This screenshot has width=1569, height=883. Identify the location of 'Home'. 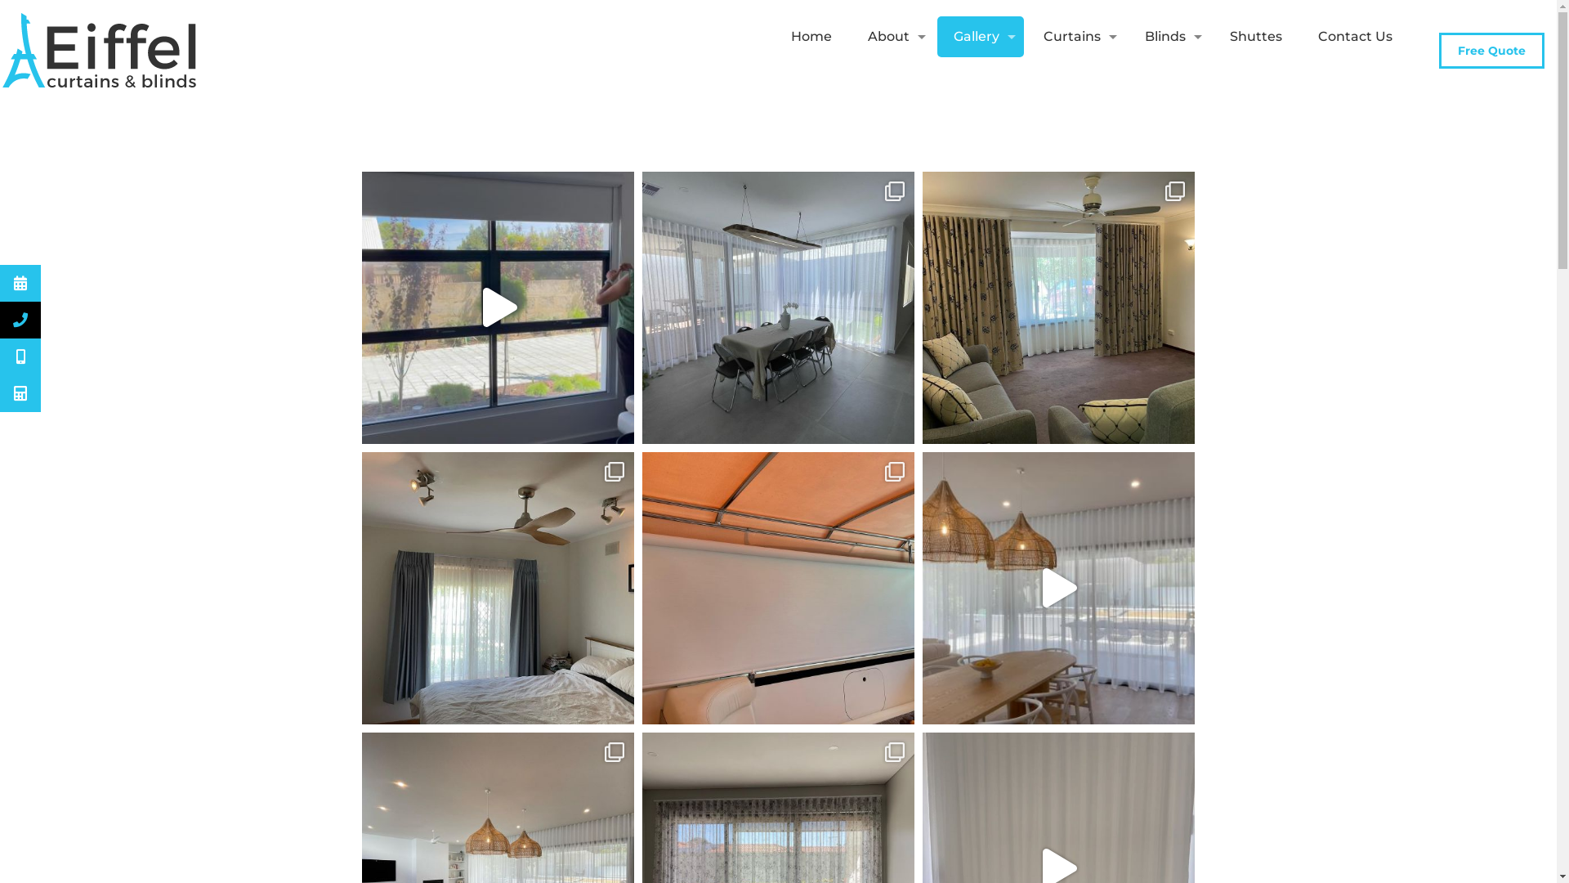
(811, 37).